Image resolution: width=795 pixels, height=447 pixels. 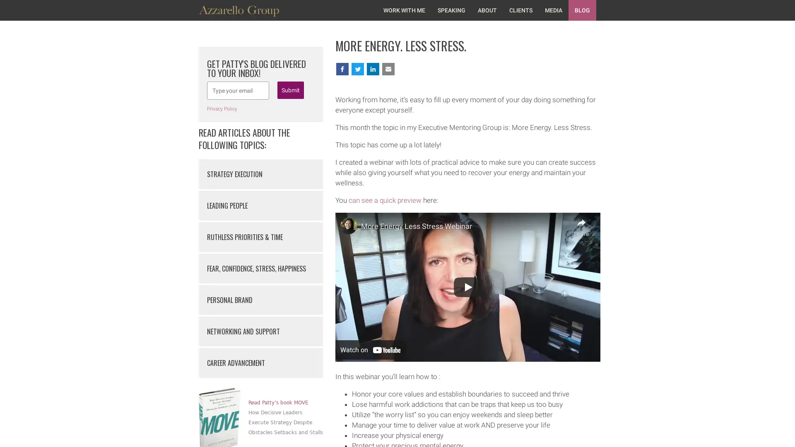 I want to click on CAREER ADVANCEMENT, so click(x=260, y=362).